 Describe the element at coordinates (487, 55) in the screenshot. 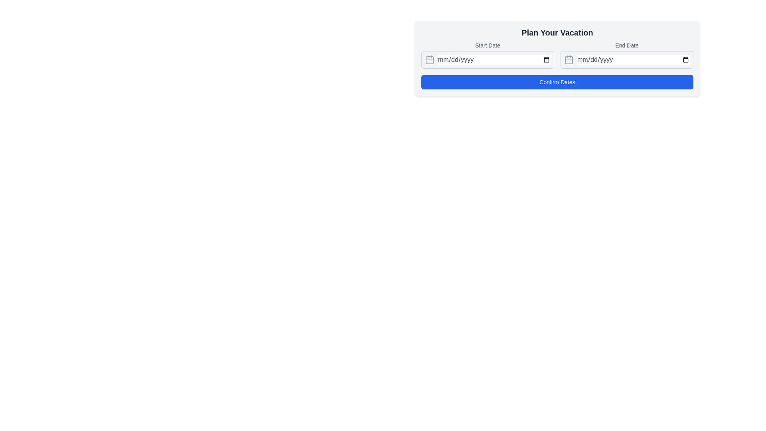

I see `the 'Start Date' input field to input a date` at that location.